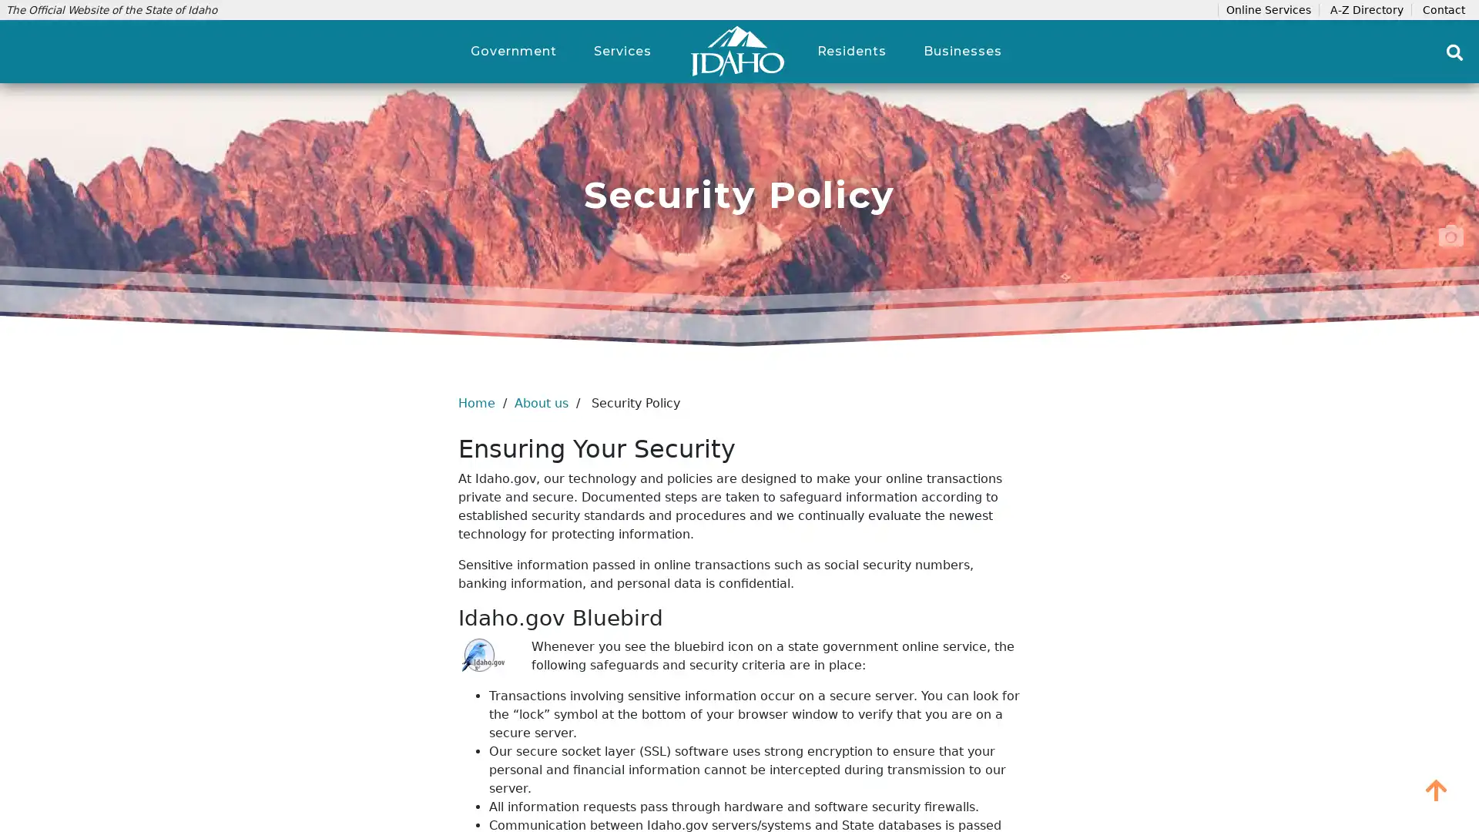 This screenshot has height=832, width=1479. I want to click on Search, so click(1454, 52).